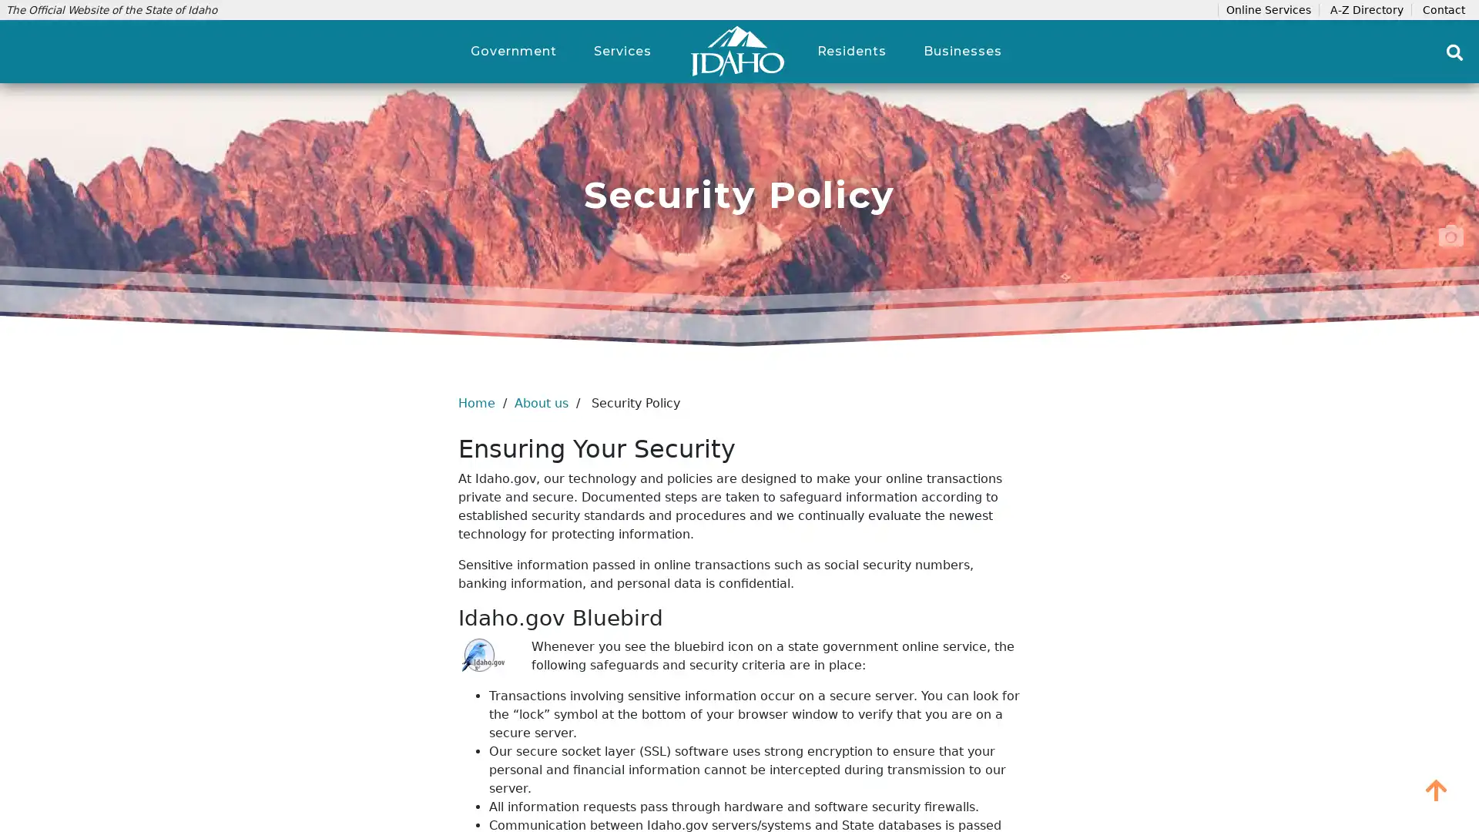 This screenshot has height=832, width=1479. I want to click on Search, so click(1454, 52).